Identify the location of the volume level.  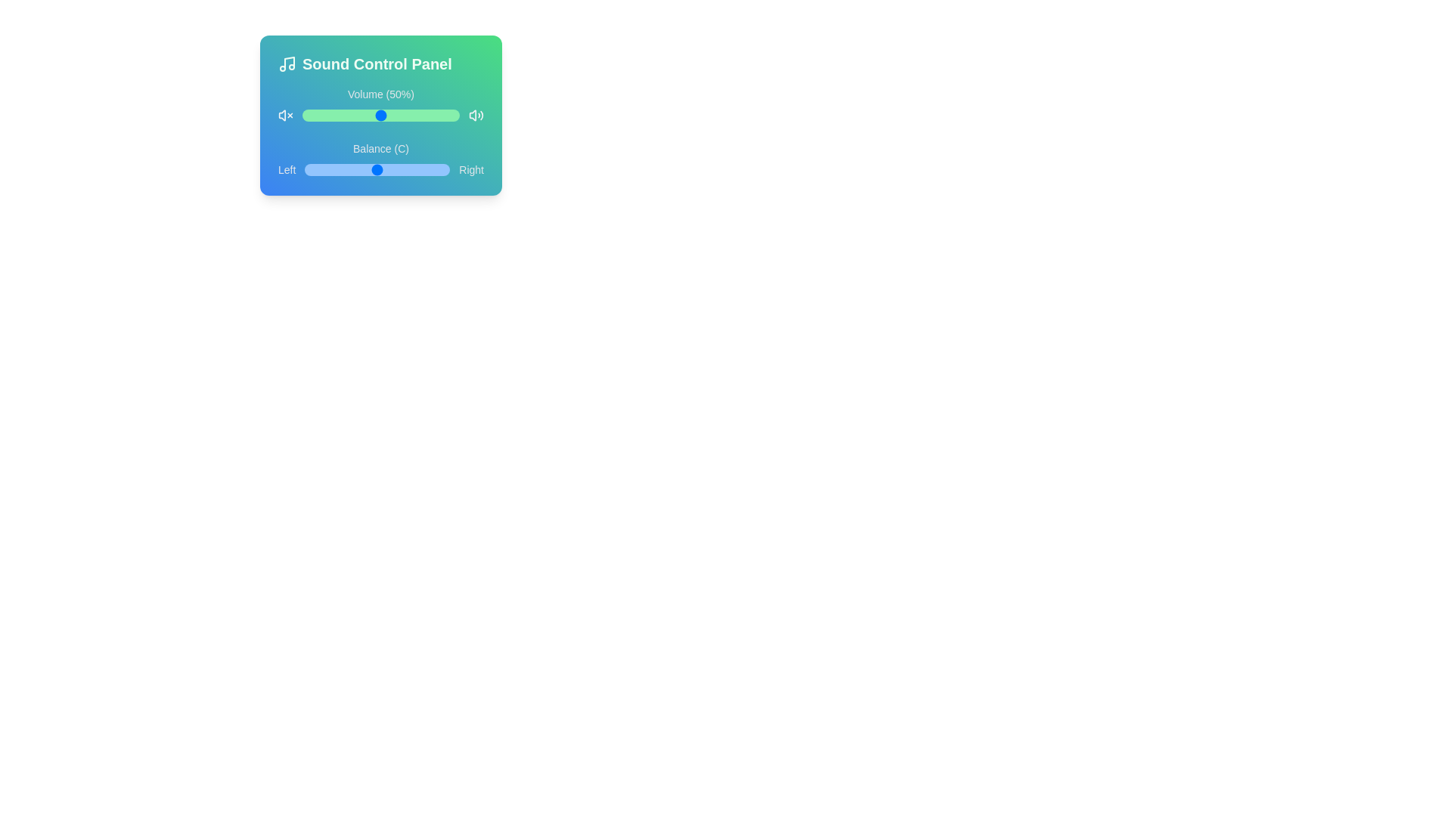
(435, 115).